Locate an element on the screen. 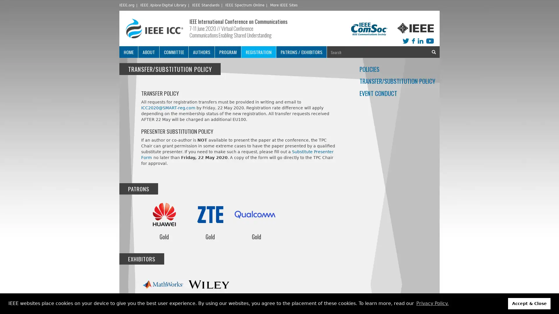 The width and height of the screenshot is (559, 314). learn more about cookies is located at coordinates (432, 303).